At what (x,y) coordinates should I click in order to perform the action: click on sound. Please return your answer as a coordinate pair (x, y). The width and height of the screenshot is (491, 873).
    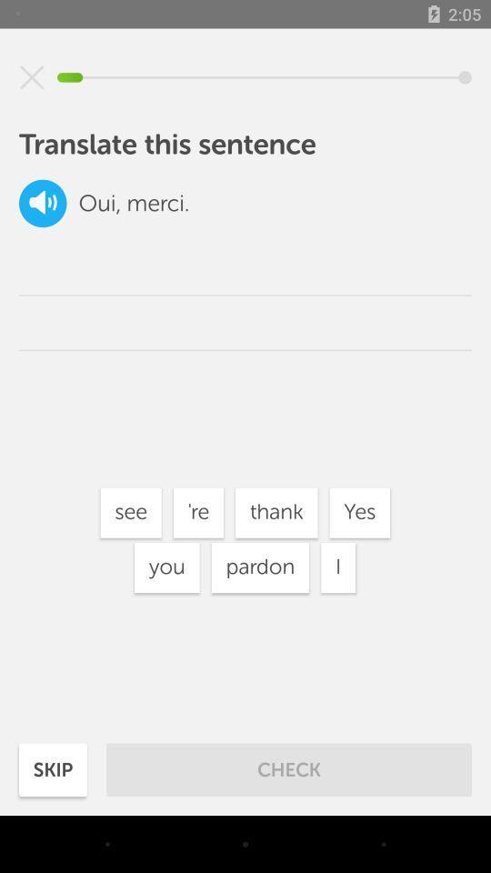
    Looking at the image, I should click on (32, 77).